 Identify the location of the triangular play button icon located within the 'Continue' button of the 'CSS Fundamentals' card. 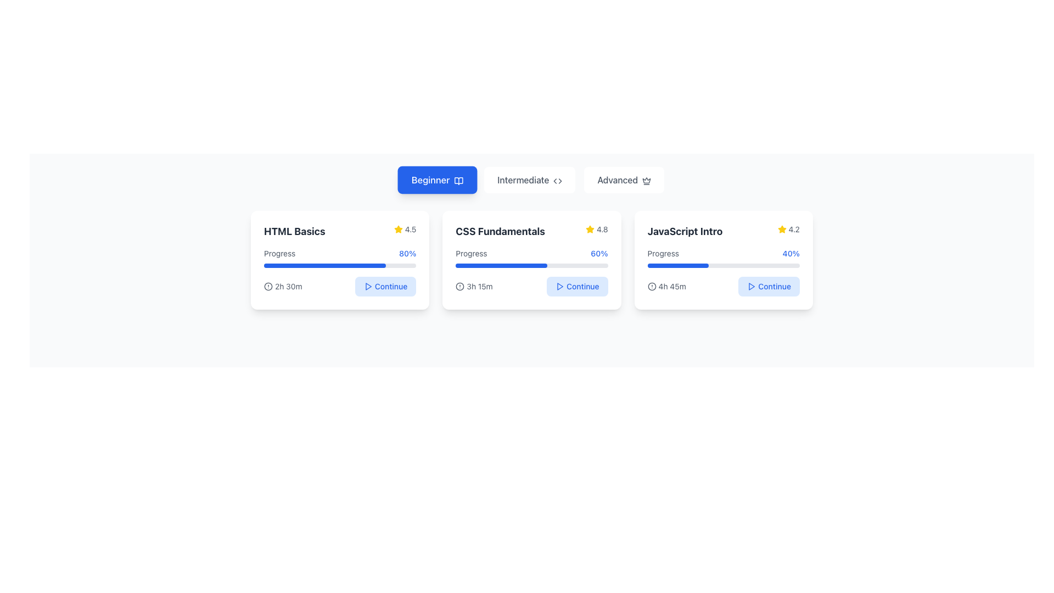
(560, 286).